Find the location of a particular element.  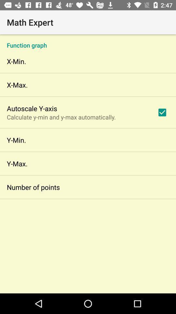

the number of points is located at coordinates (33, 187).